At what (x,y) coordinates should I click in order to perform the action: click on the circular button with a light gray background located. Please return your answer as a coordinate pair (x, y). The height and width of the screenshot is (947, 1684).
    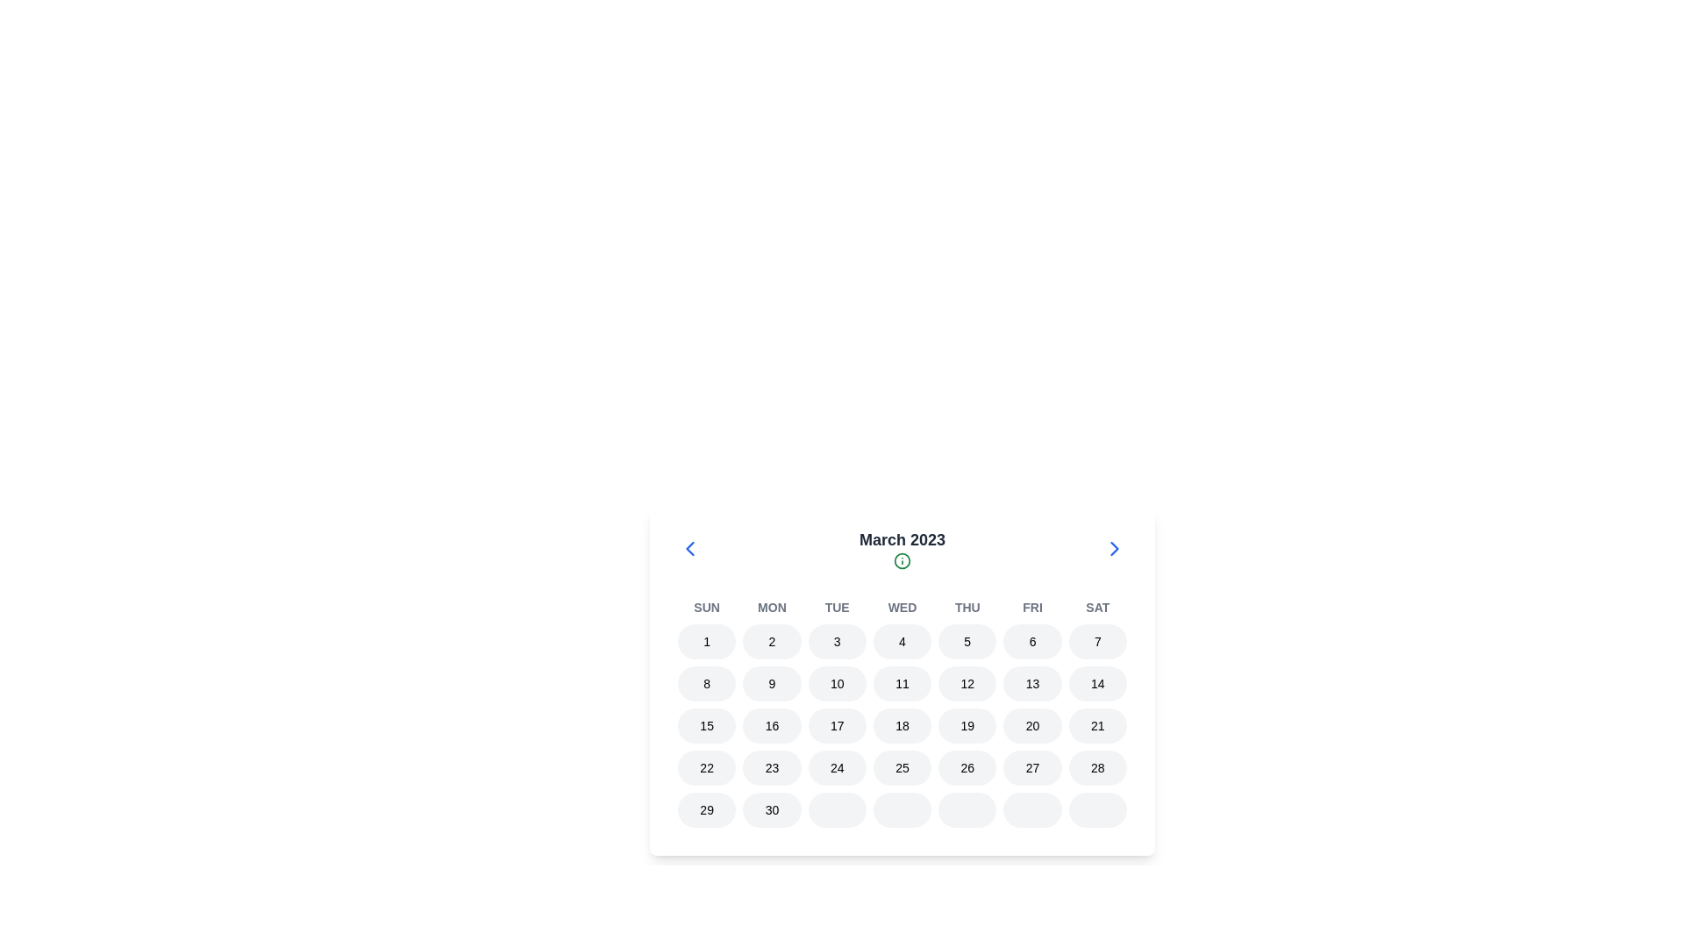
    Looking at the image, I should click on (967, 810).